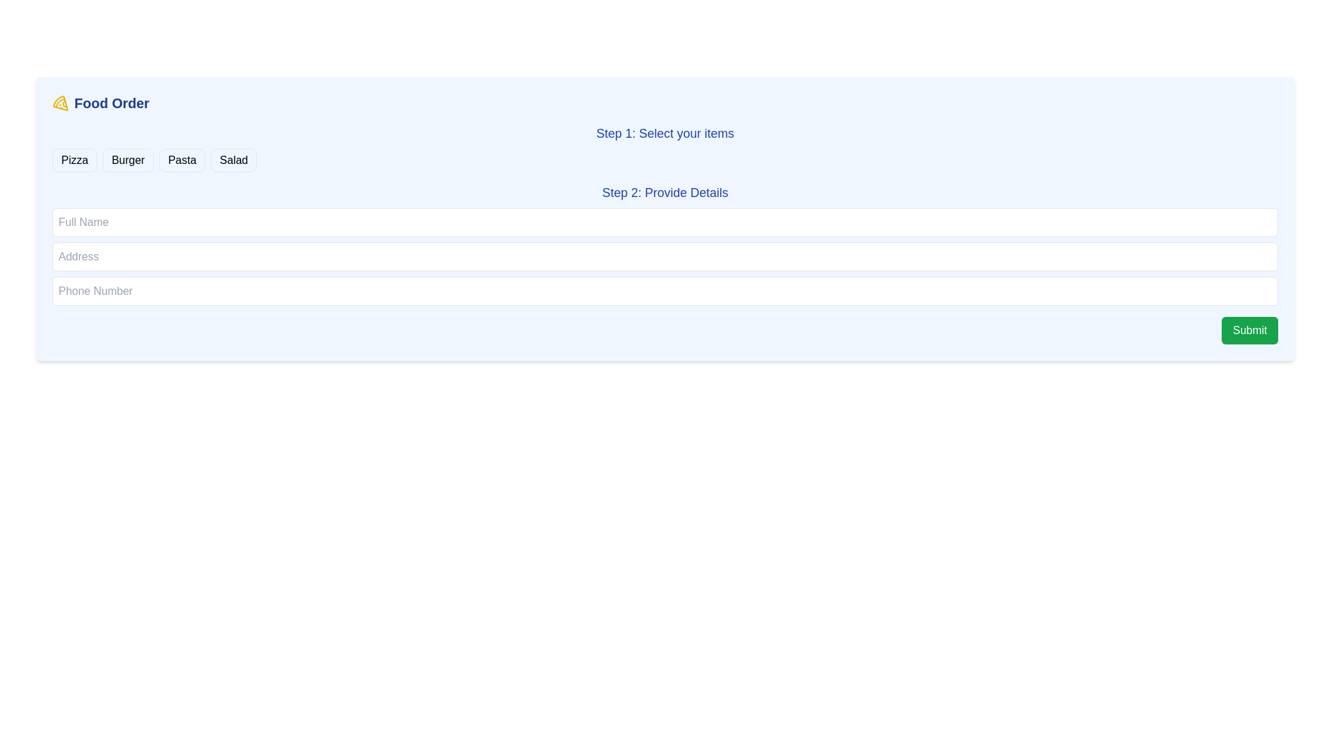 The image size is (1323, 744). I want to click on the pizza slice icon, which is yellow and located next to the 'Food Order' text label in the top left of the interface, so click(59, 103).